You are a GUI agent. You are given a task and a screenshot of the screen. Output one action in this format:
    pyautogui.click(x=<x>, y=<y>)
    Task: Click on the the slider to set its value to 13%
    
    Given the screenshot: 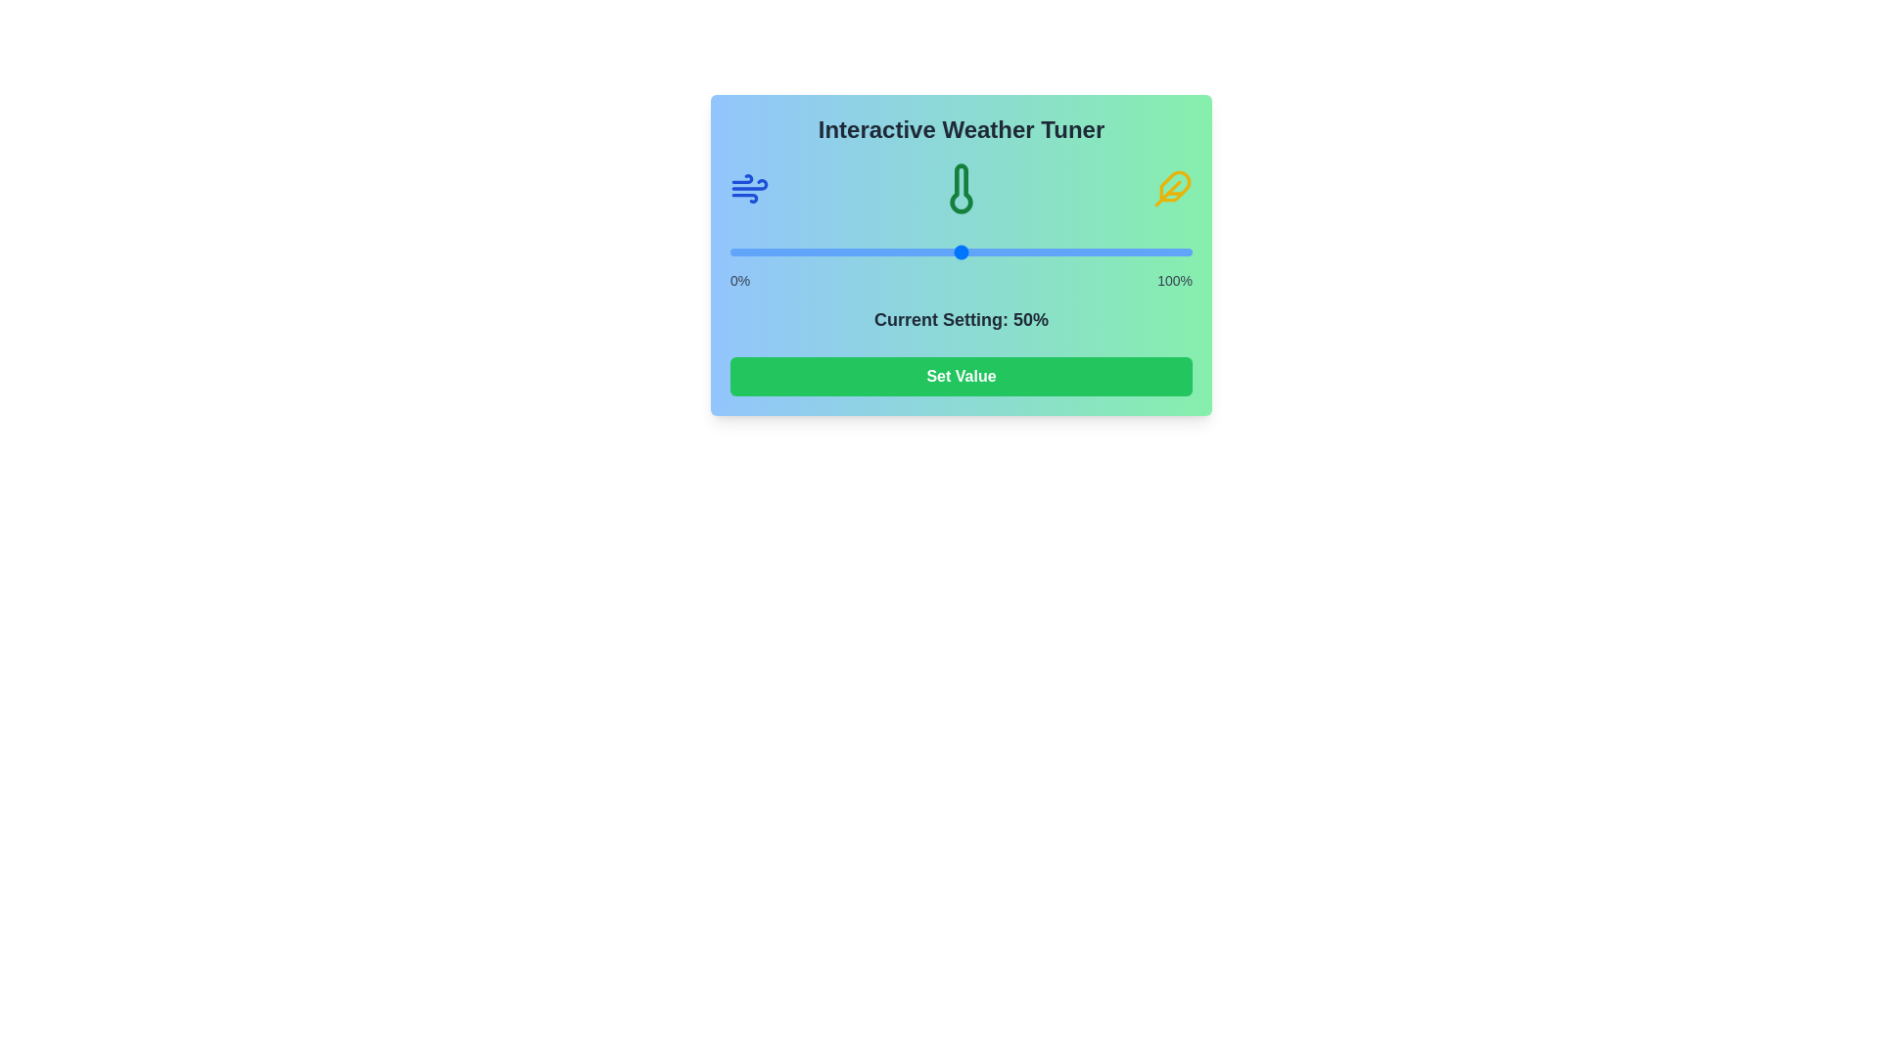 What is the action you would take?
    pyautogui.click(x=790, y=252)
    